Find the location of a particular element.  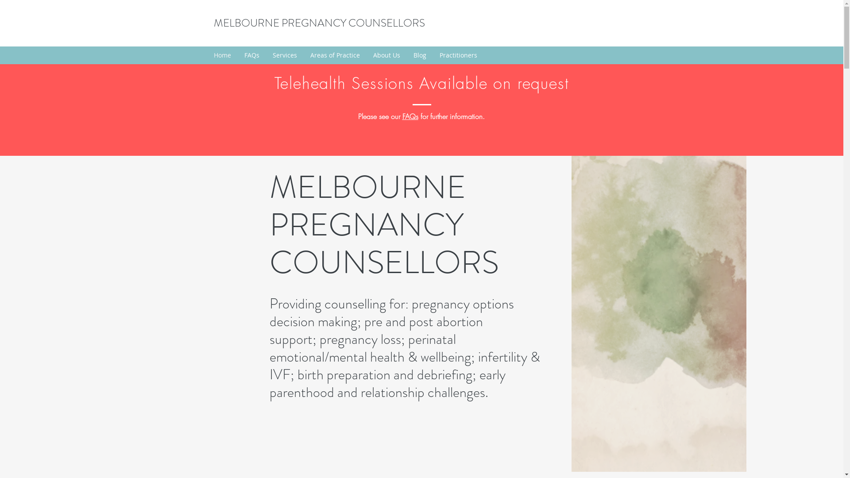

'Home' is located at coordinates (222, 55).